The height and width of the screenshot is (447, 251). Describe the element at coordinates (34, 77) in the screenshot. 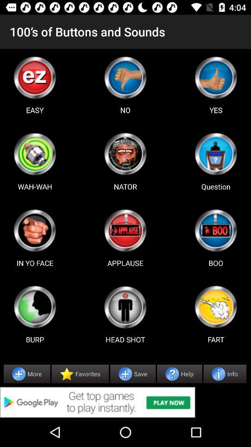

I see `ez sounds` at that location.